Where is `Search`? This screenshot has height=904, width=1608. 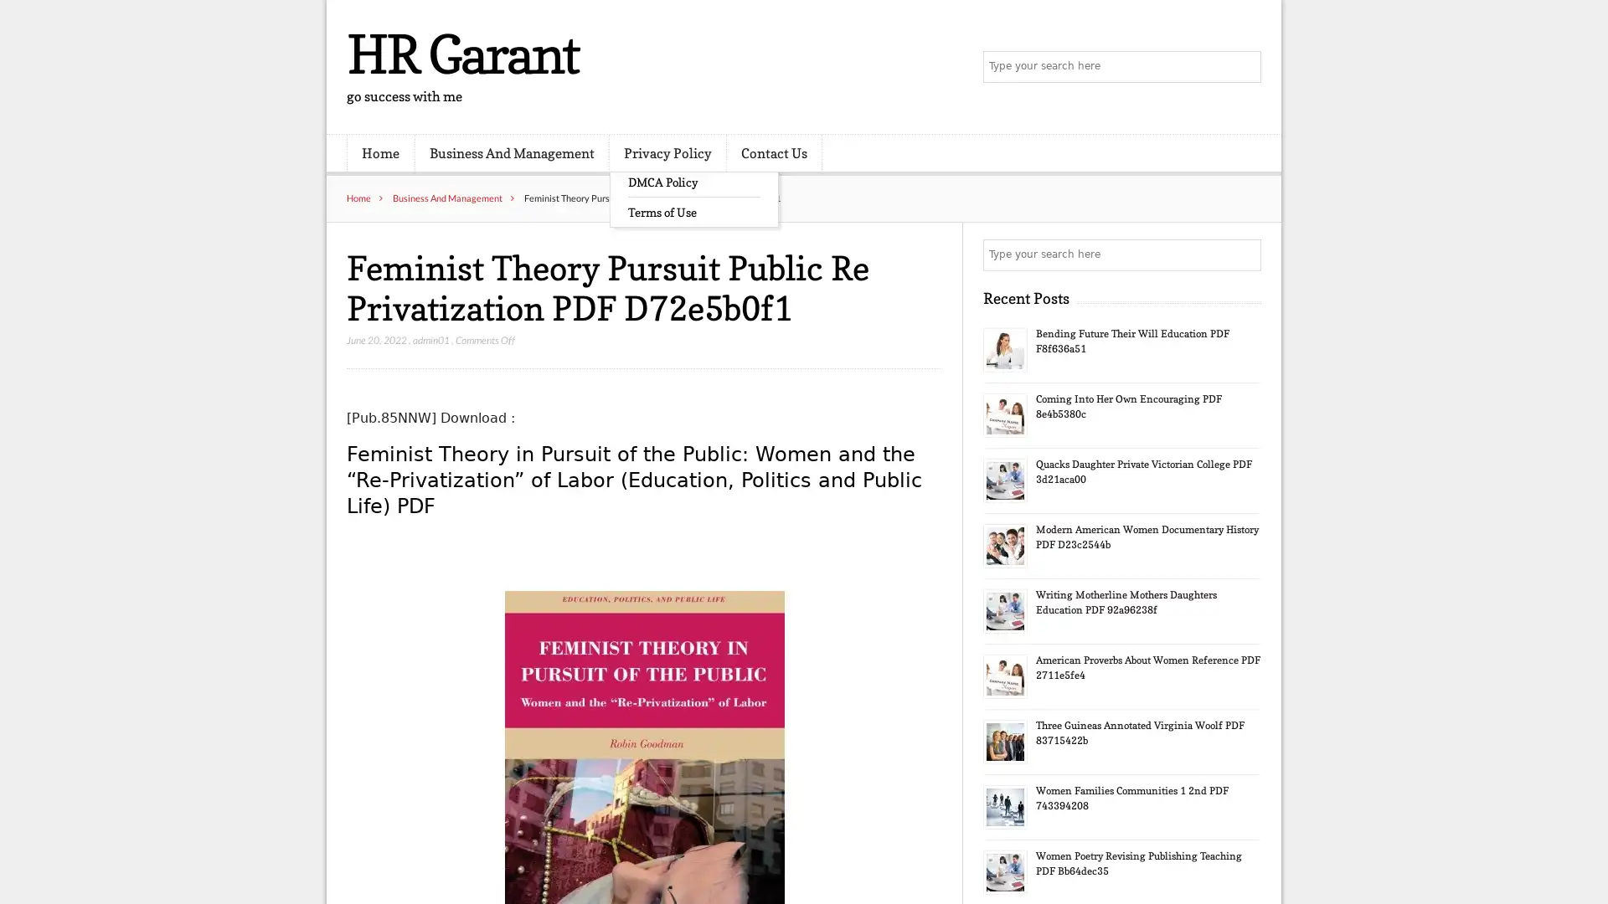 Search is located at coordinates (1244, 67).